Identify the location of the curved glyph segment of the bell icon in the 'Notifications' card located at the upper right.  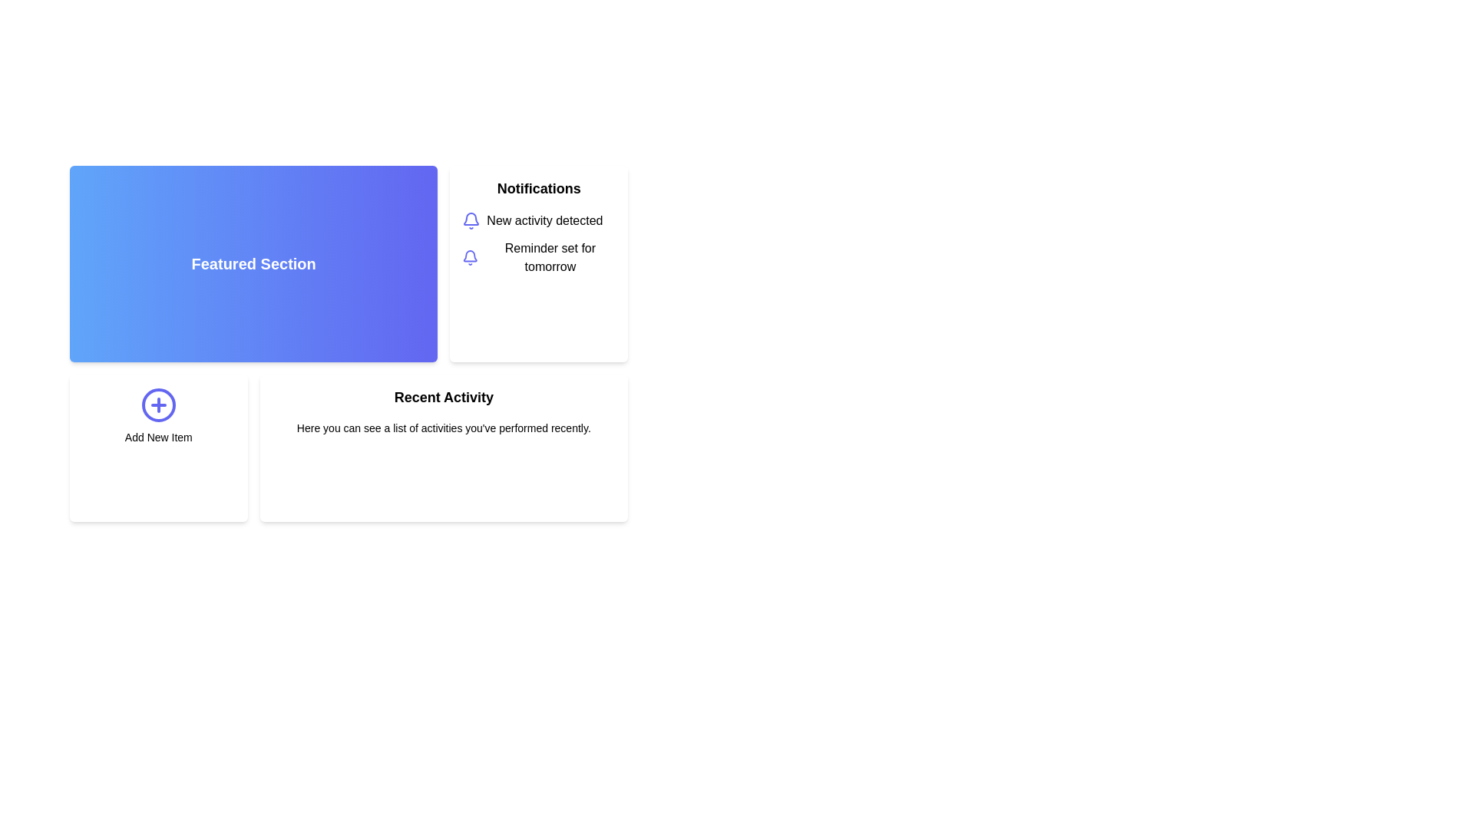
(470, 255).